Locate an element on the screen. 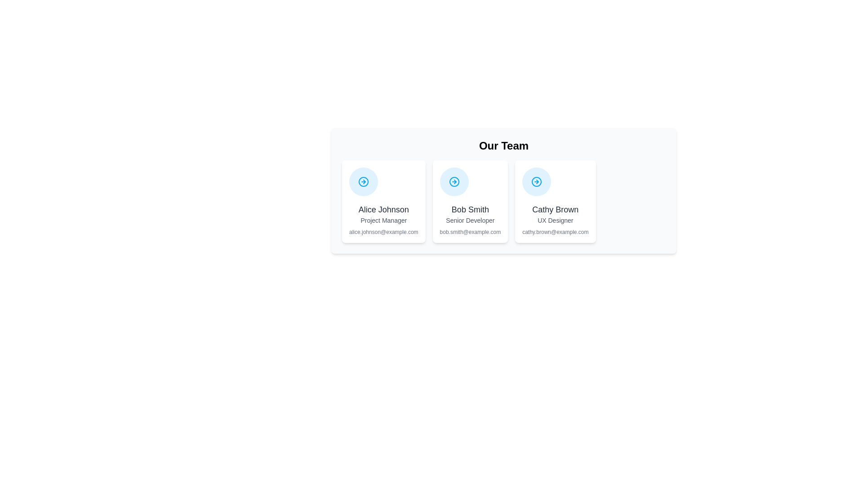 This screenshot has width=863, height=485. the rightward-pointing arrow icon encased within a circle, which is located in the profile card for 'Bob Smith' in the 'Our Team' section is located at coordinates (454, 182).